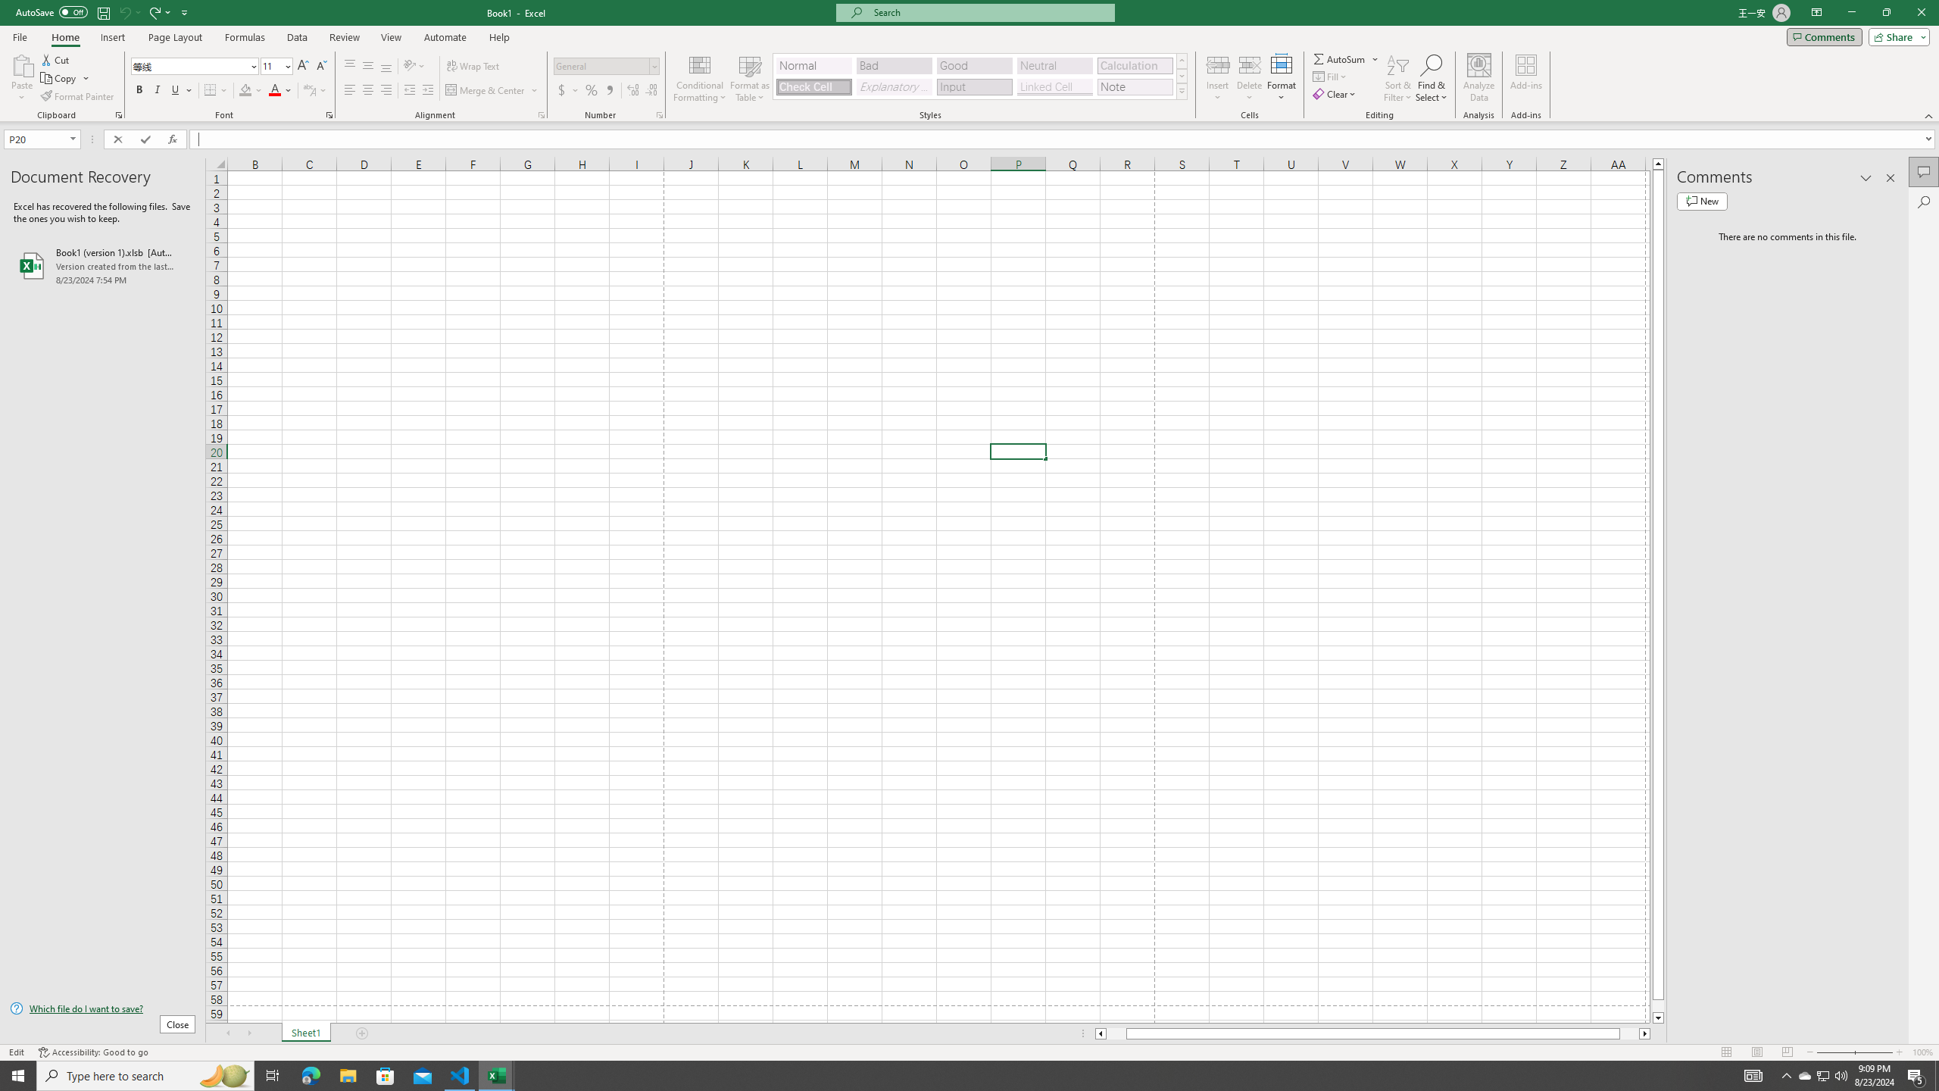 Image resolution: width=1939 pixels, height=1091 pixels. What do you see at coordinates (973, 66) in the screenshot?
I see `'Good'` at bounding box center [973, 66].